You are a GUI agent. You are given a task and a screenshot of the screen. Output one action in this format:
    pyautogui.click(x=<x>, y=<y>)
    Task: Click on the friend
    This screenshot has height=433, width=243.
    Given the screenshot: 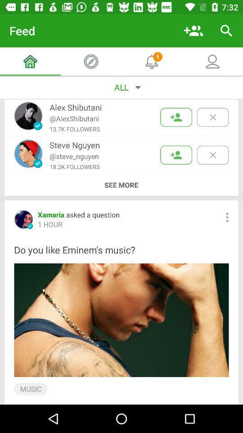 What is the action you would take?
    pyautogui.click(x=176, y=155)
    